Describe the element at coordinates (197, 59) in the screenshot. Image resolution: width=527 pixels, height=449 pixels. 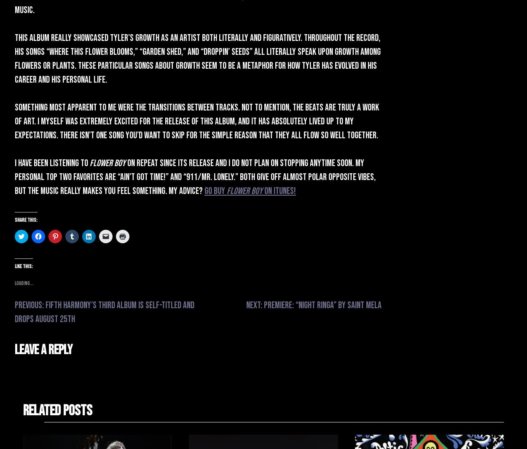
I see `'This album really showcased Tyler’s growth as an artist both literally and figuratively. Throughout the record, his songs “Where This Flower Blooms,” “Garden Shed,” and “Droppin’ Seeds” all literally speak upon growth among flowers or plants. These particular songs about growth seem to be a metaphor for how Tyler has evolved in his career and his personal life.'` at that location.